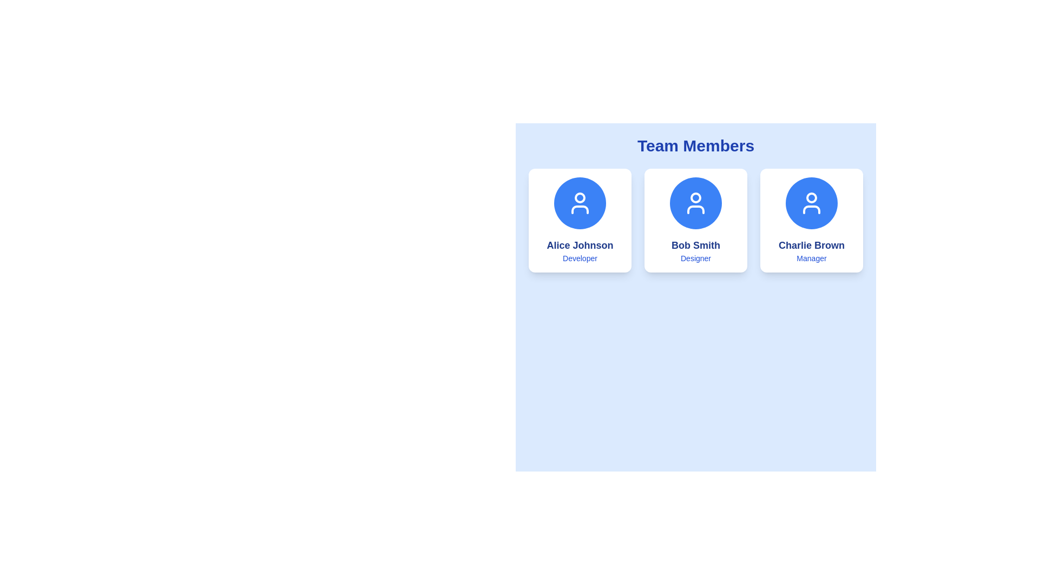 This screenshot has width=1039, height=584. What do you see at coordinates (696, 203) in the screenshot?
I see `the circular Avatar or Profile Image of 'Bob Smith', which has a blue background and a white user icon, located between 'Alice Johnson' and 'Charlie Brown'` at bounding box center [696, 203].